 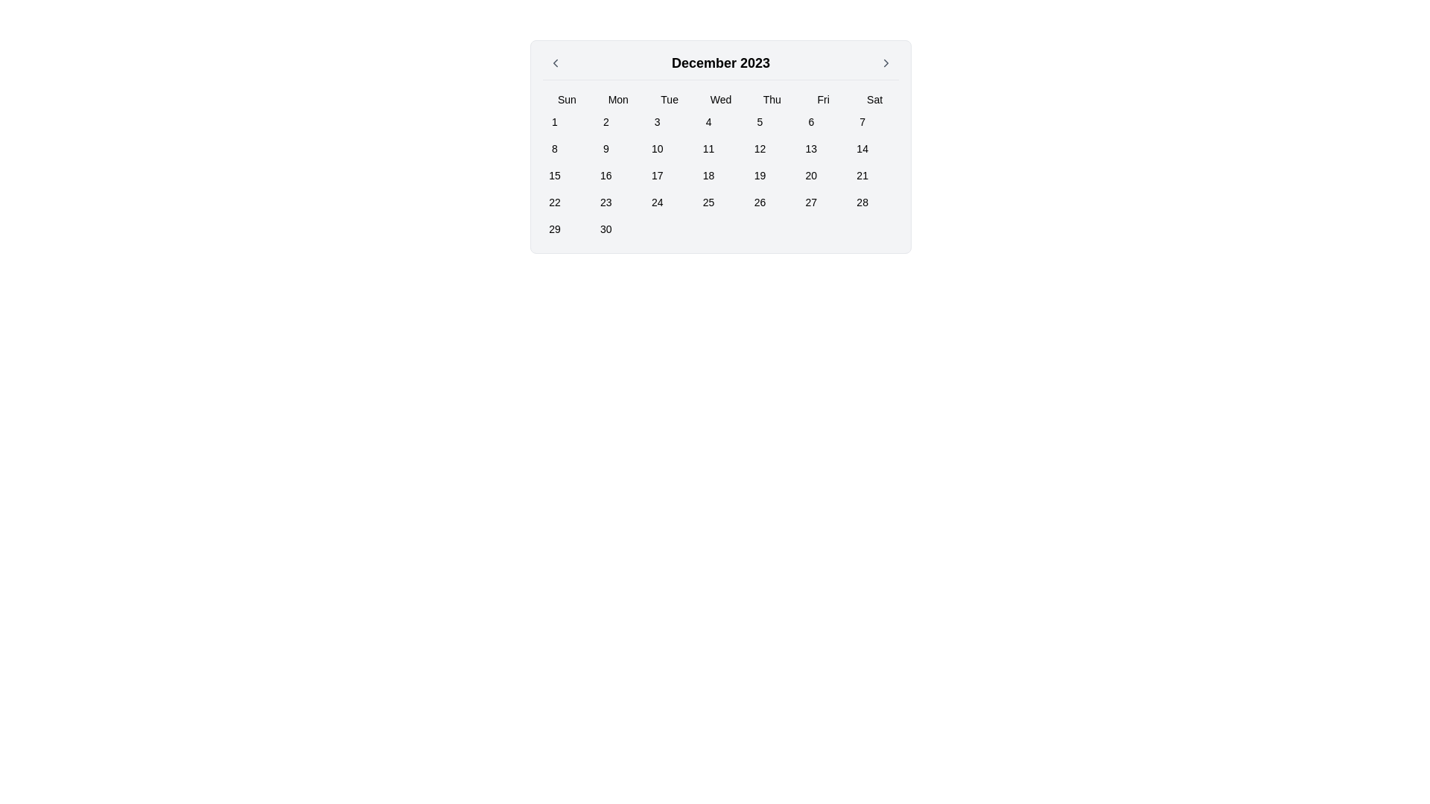 I want to click on the static text label displaying 'Fri', which is the sixth label in a sequence of seven horizontal text labels within the calendar widget, so click(x=822, y=100).